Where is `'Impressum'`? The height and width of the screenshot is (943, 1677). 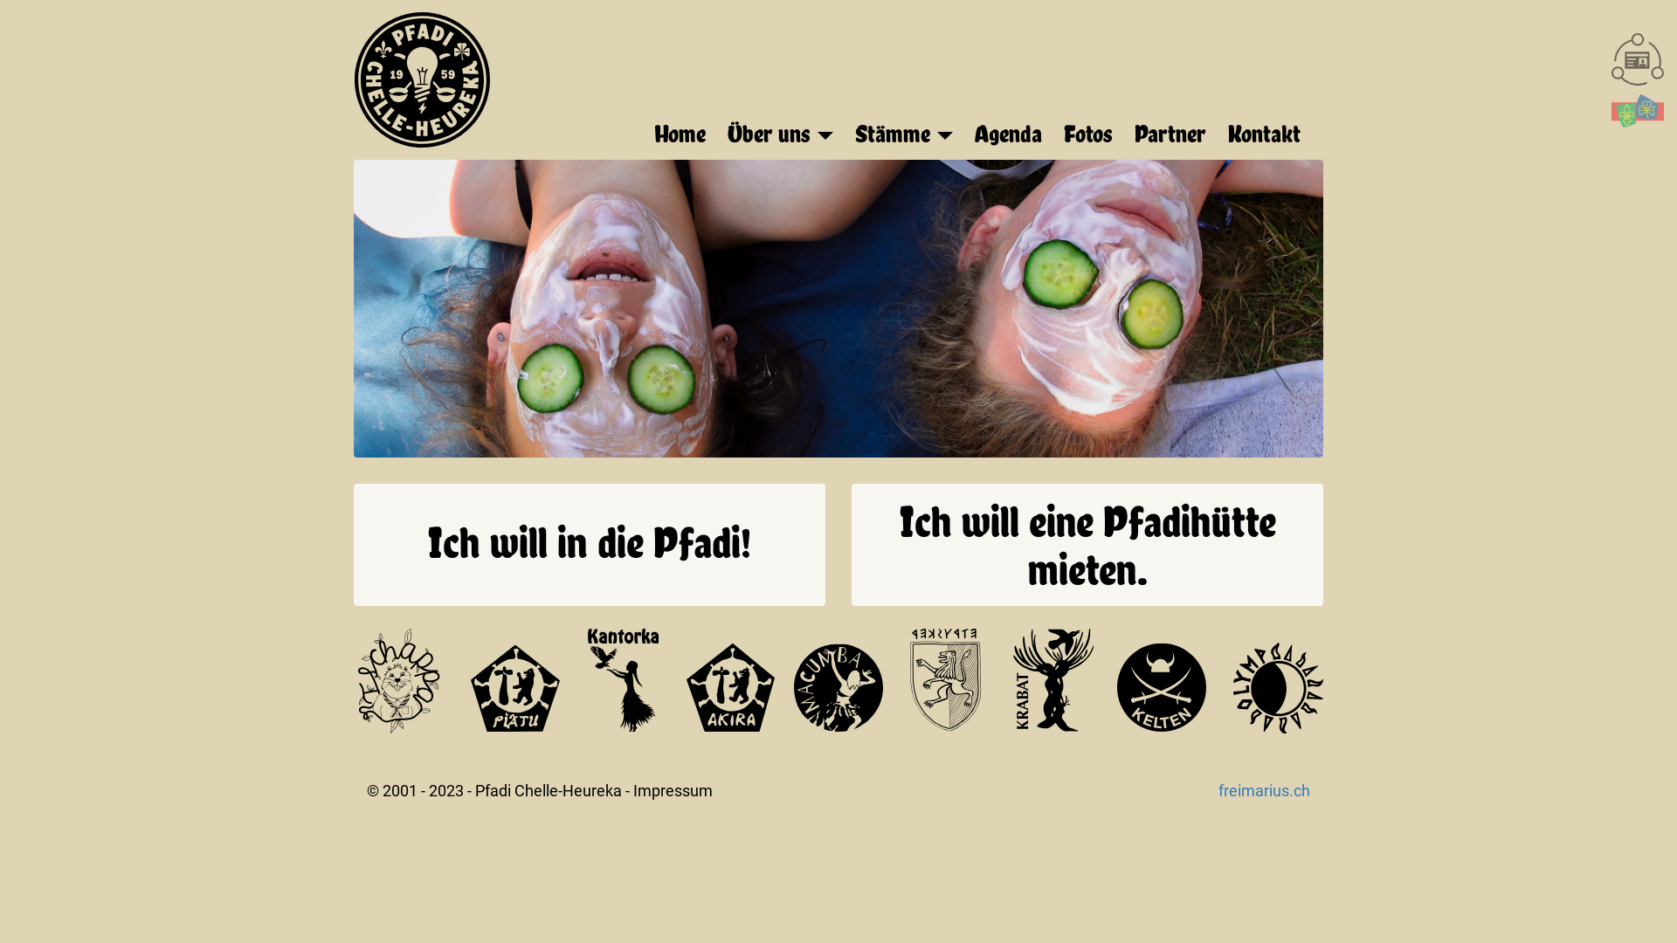 'Impressum' is located at coordinates (631, 790).